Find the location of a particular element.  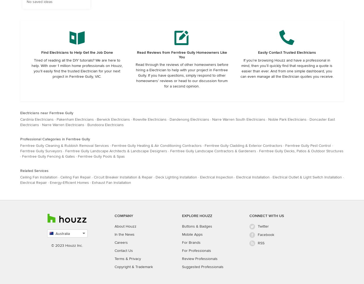

'Copyright & Trademark' is located at coordinates (133, 266).